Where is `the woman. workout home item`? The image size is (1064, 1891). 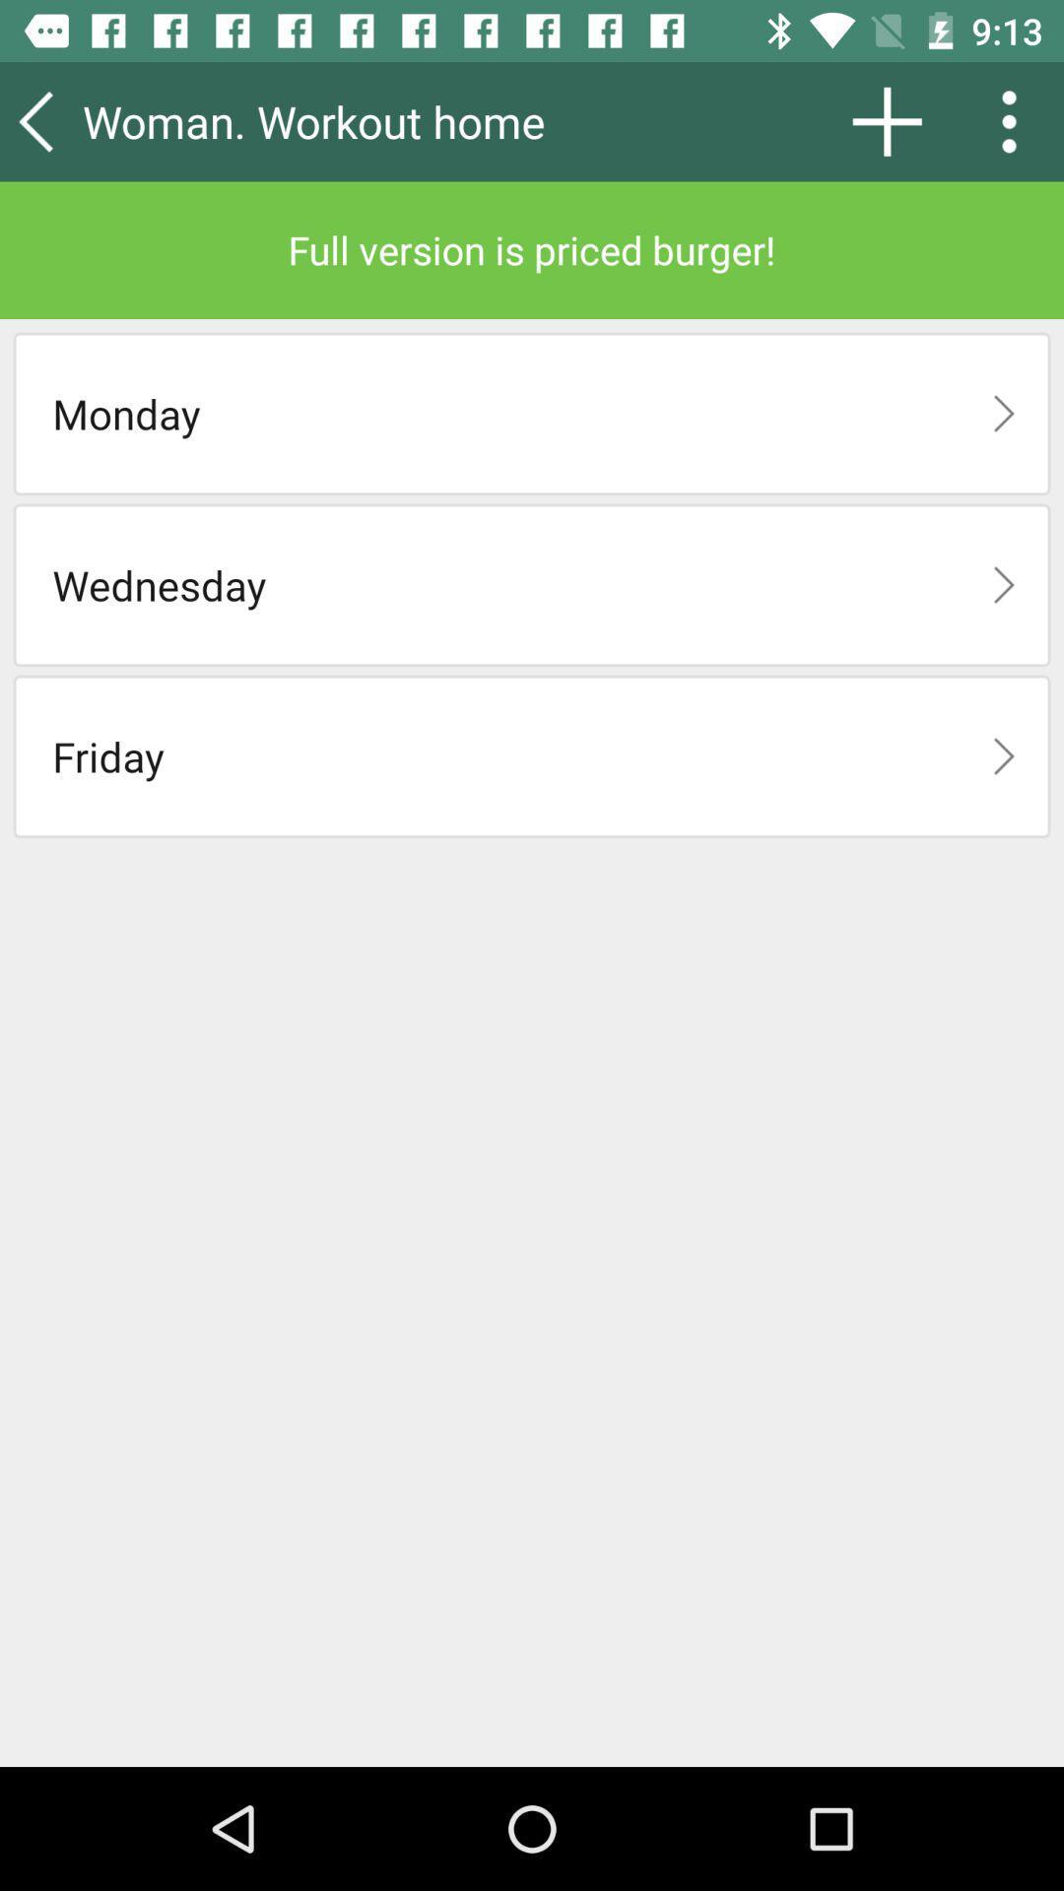 the woman. workout home item is located at coordinates (369, 120).